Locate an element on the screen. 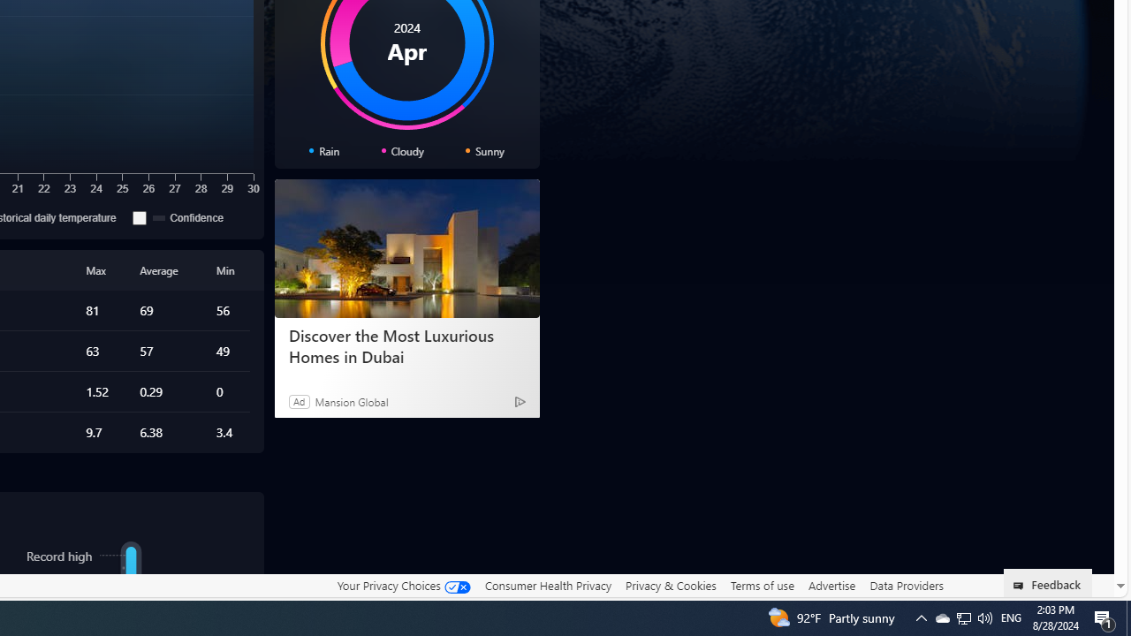 The width and height of the screenshot is (1131, 636). 'Your Privacy Choices' is located at coordinates (402, 585).